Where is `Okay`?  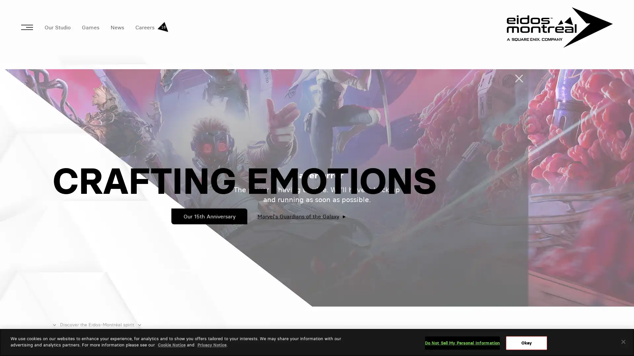 Okay is located at coordinates (526, 342).